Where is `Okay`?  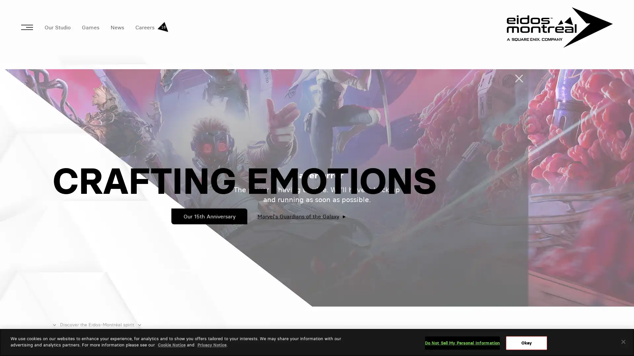 Okay is located at coordinates (526, 342).